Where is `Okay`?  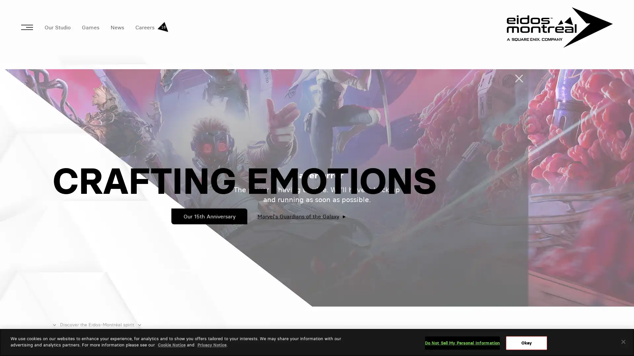 Okay is located at coordinates (526, 342).